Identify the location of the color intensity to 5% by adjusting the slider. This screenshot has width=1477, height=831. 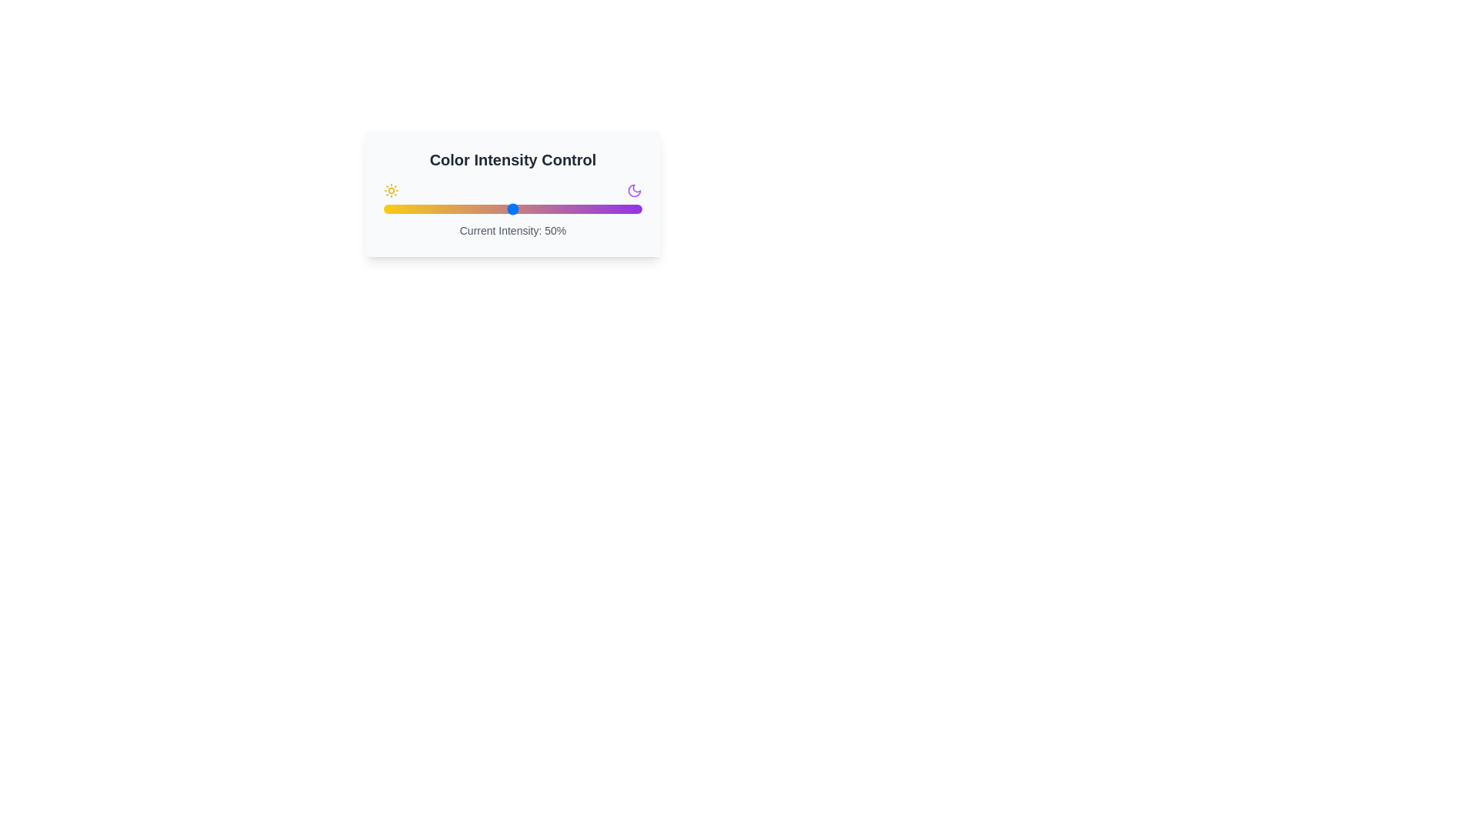
(396, 209).